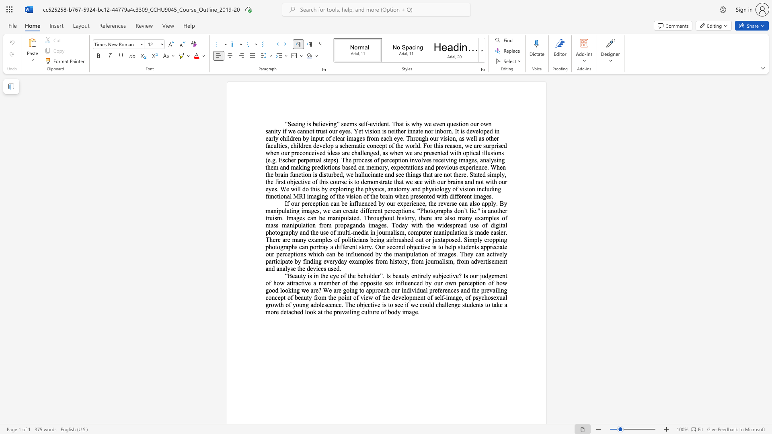 The height and width of the screenshot is (434, 772). What do you see at coordinates (352, 261) in the screenshot?
I see `the subset text "xamples from history, from journalism, from advertisem" within the text "osed. Simply cropping photographs can portray a different story. Our second objective is to help students appreciate our perceptions which can be influenced by the manipulation of images. They can actively participate by finding everyday examples from history, from journalism, from advertisement and analyse the devices used."` at bounding box center [352, 261].